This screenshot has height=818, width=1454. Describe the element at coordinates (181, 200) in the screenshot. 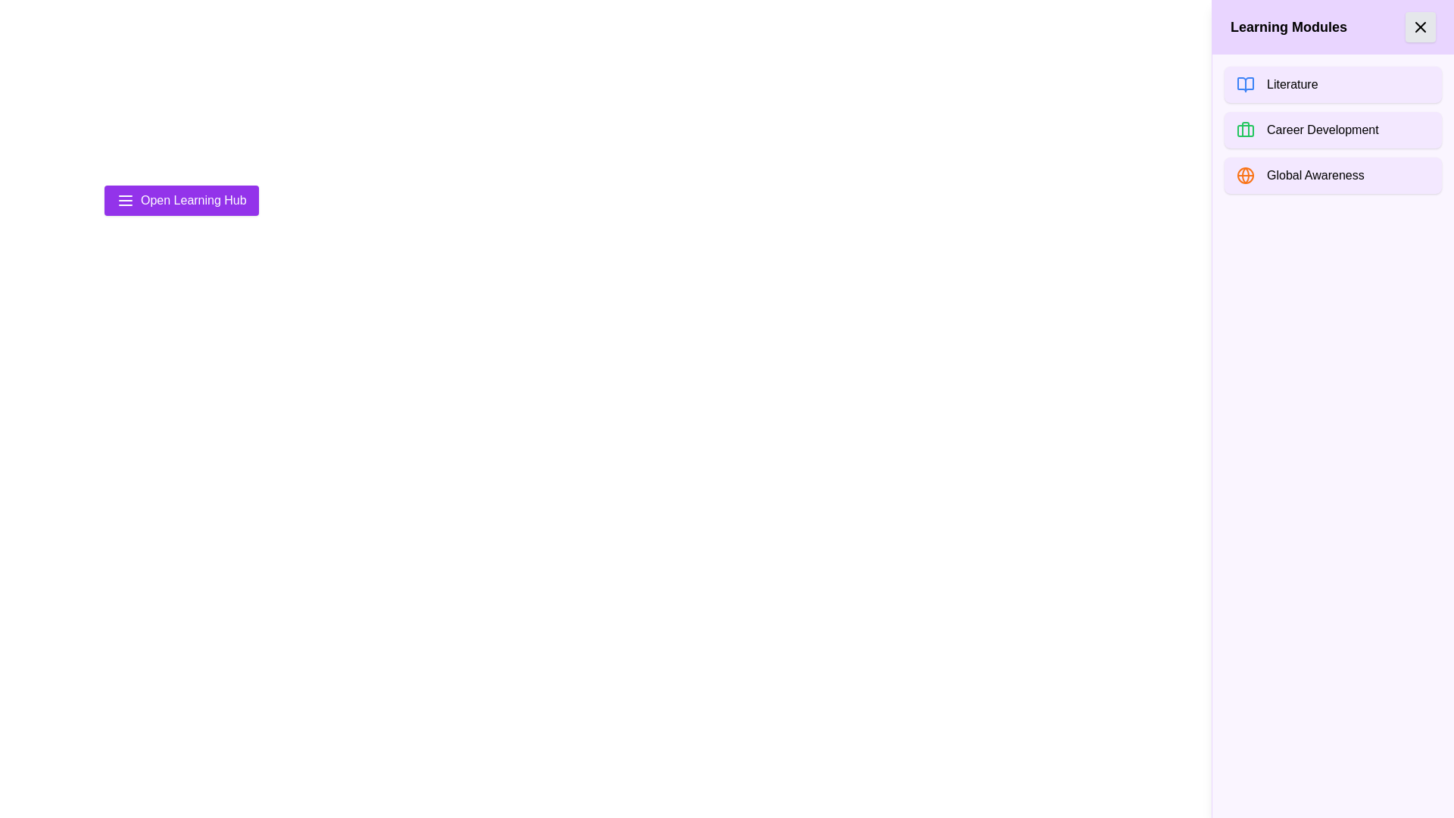

I see `'Open Learning Hub' button to toggle the drawer` at that location.